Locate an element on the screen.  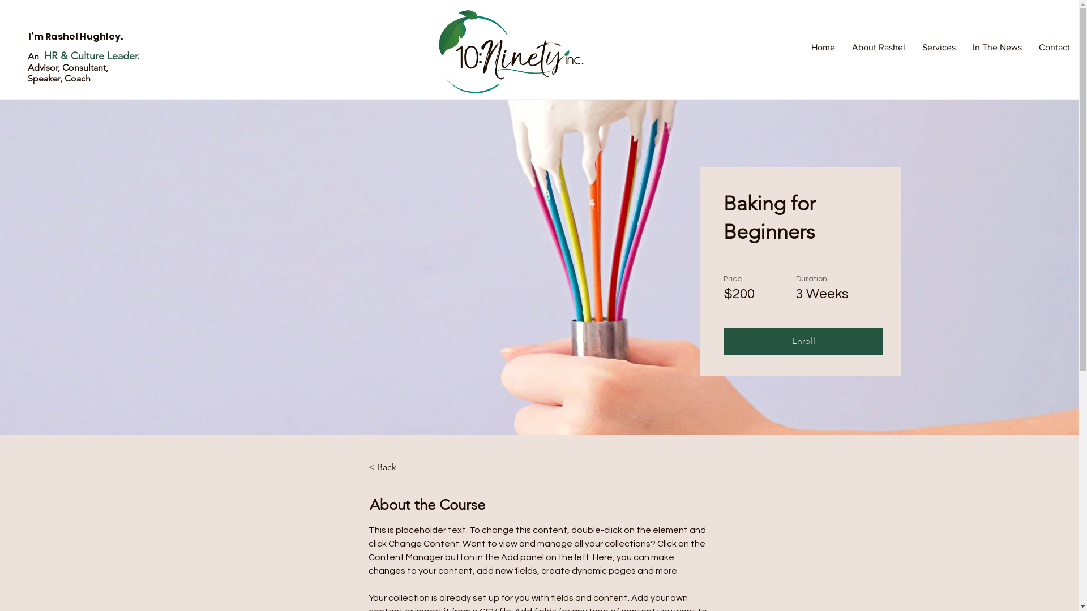
'In The News' is located at coordinates (997, 47).